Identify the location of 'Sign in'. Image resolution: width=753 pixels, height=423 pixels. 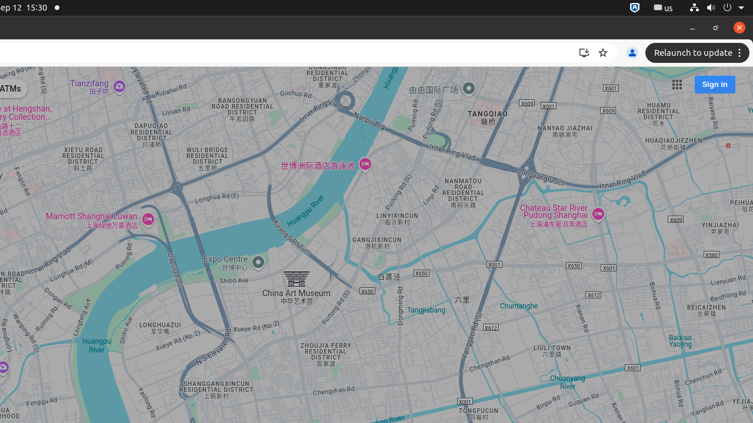
(714, 83).